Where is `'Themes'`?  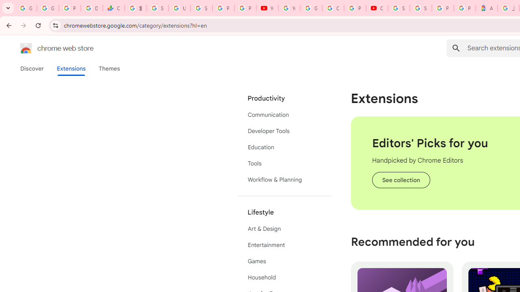 'Themes' is located at coordinates (109, 68).